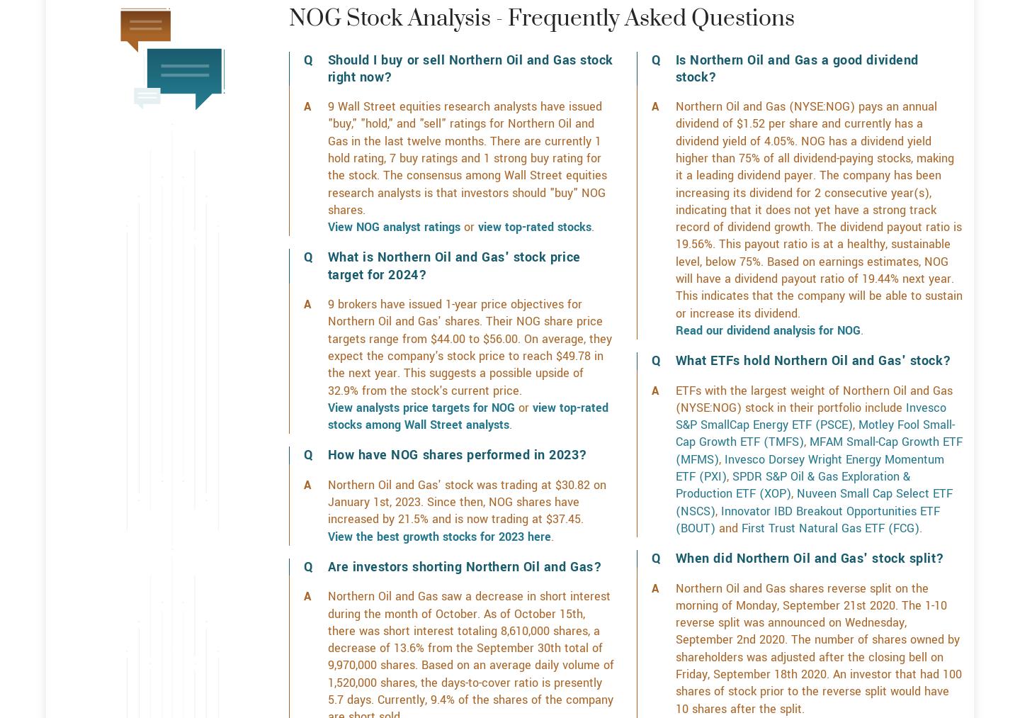 Image resolution: width=1020 pixels, height=718 pixels. I want to click on 'Motley Fool Small-Cap Growth ETF (TMFS)', so click(814, 483).